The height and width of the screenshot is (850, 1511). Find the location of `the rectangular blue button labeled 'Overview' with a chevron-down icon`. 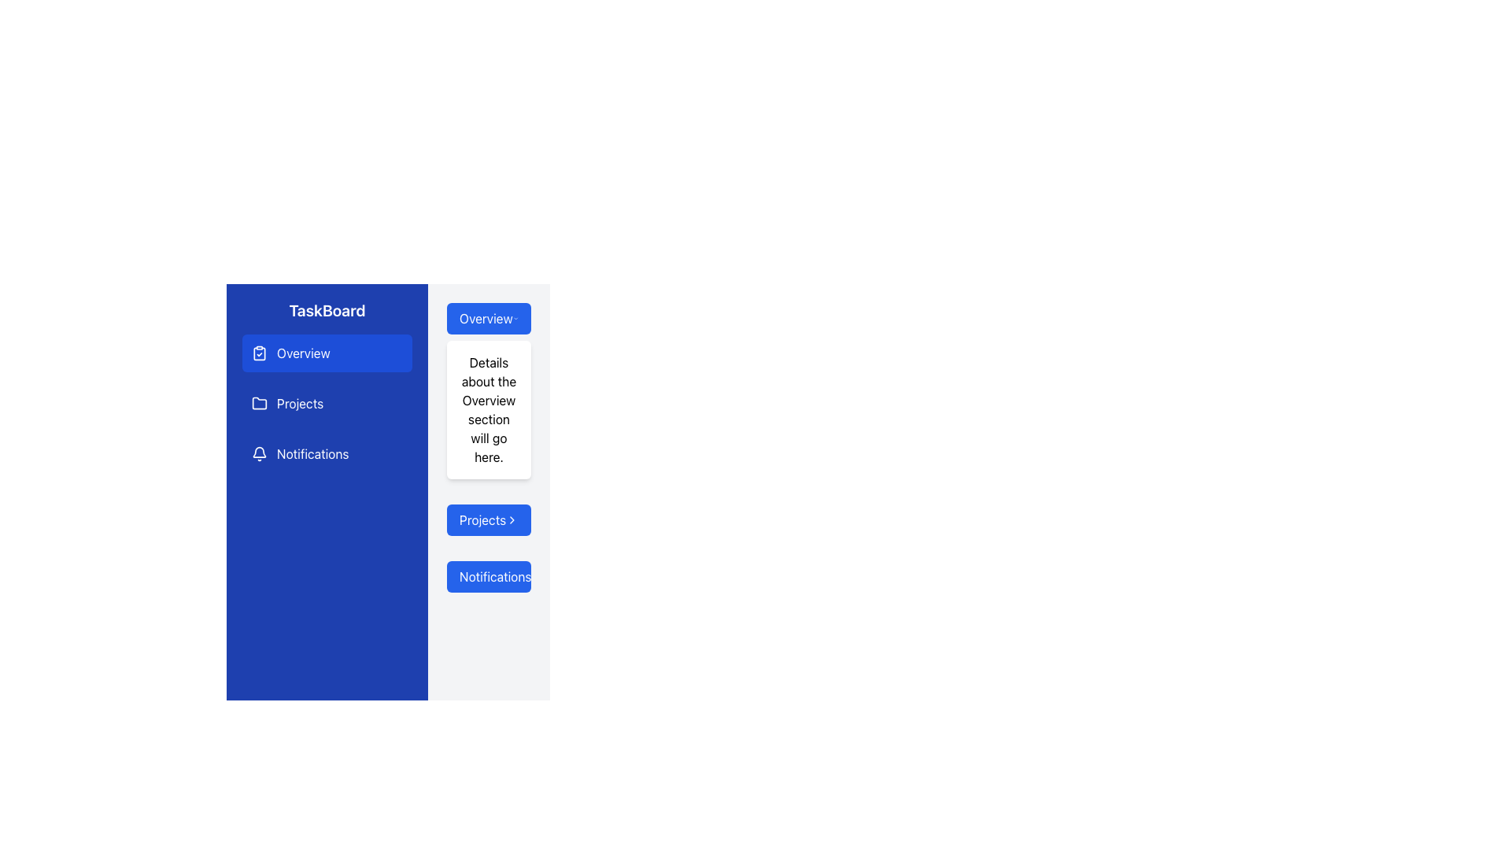

the rectangular blue button labeled 'Overview' with a chevron-down icon is located at coordinates (488, 319).